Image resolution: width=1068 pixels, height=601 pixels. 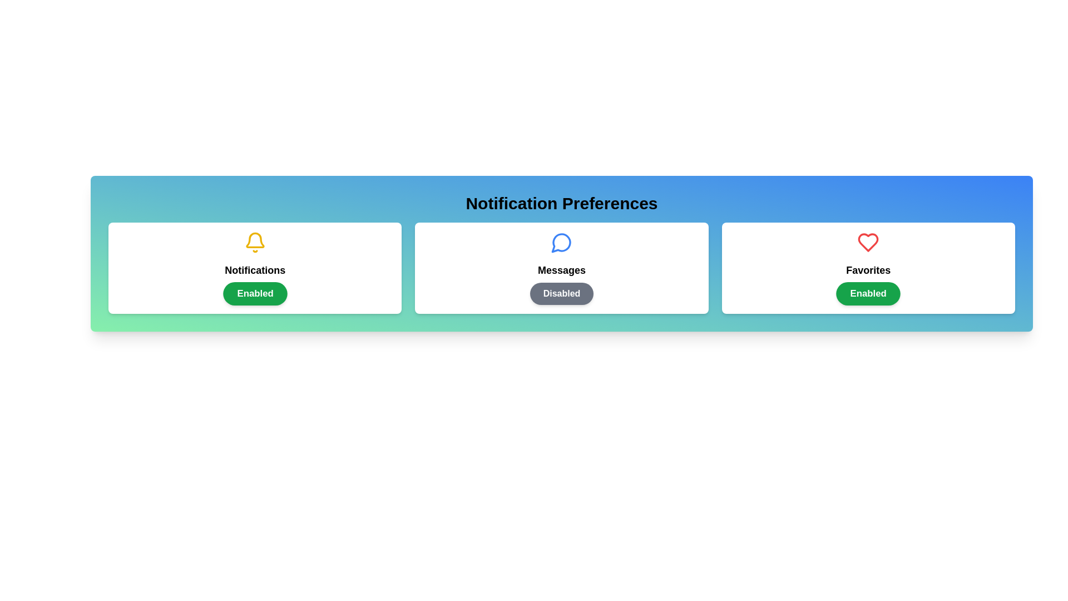 What do you see at coordinates (254, 293) in the screenshot?
I see `'Enabled' button under the 'Notifications' section to toggle its state` at bounding box center [254, 293].